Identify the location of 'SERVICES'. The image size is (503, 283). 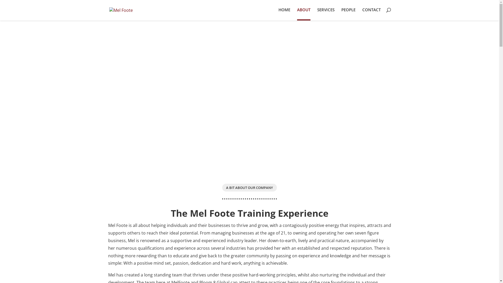
(316, 13).